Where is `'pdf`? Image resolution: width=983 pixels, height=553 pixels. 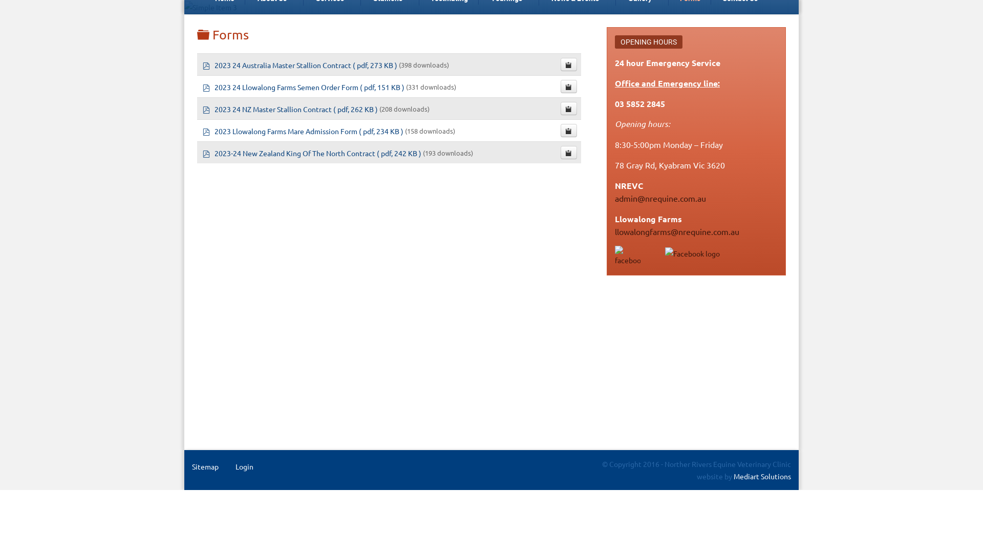 'pdf is located at coordinates (304, 86).